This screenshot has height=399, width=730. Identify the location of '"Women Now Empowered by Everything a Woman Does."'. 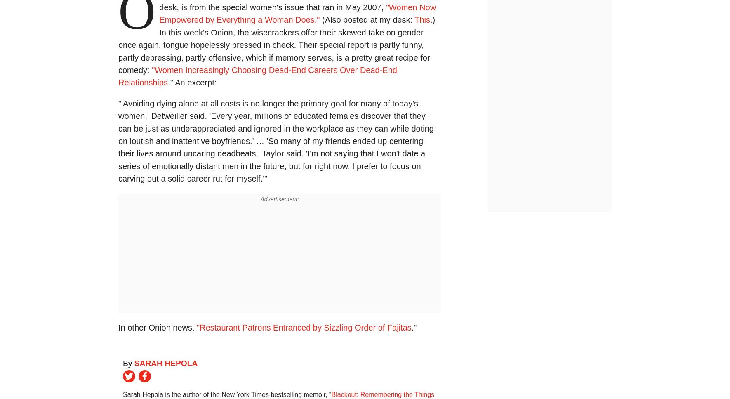
(297, 13).